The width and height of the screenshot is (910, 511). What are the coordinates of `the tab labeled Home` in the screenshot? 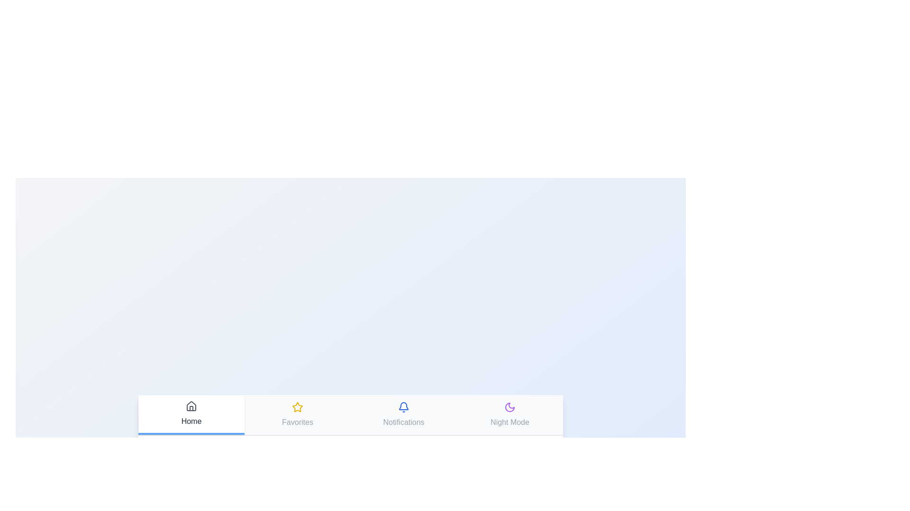 It's located at (191, 414).